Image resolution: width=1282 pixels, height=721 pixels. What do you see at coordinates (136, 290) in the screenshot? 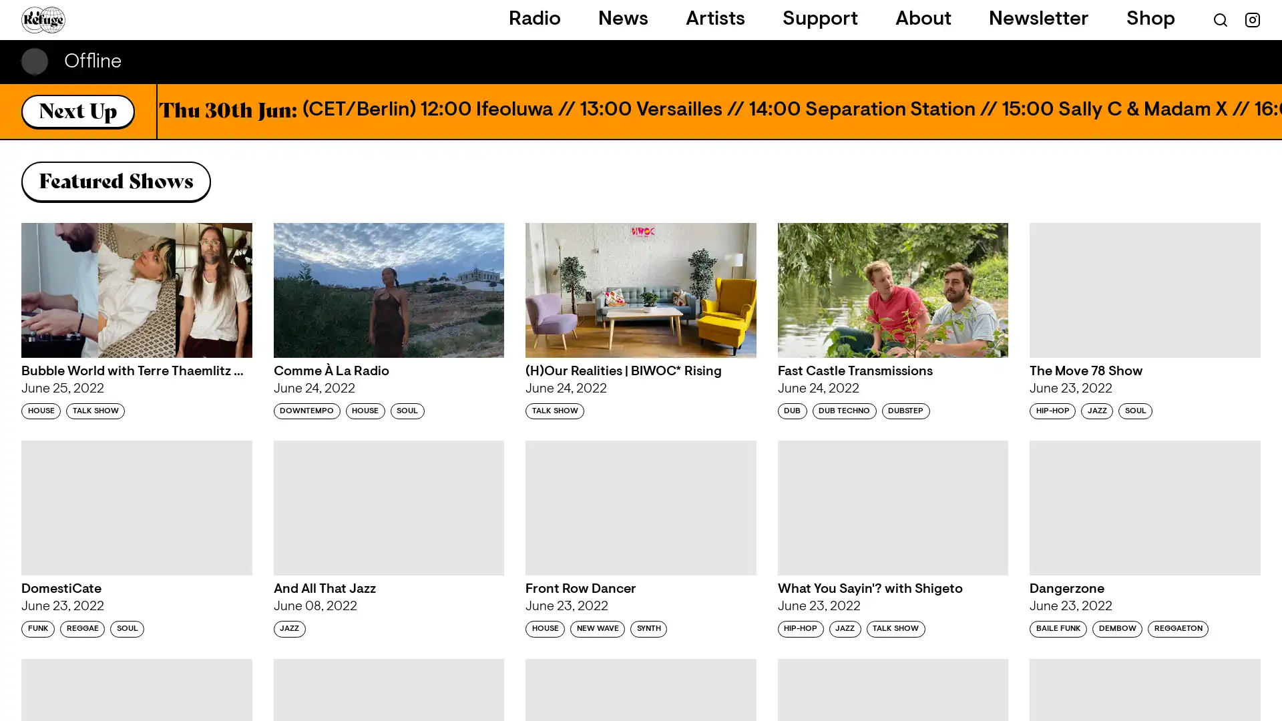
I see `Bubble World with Terre Thaemlitz & Serge Garcia` at bounding box center [136, 290].